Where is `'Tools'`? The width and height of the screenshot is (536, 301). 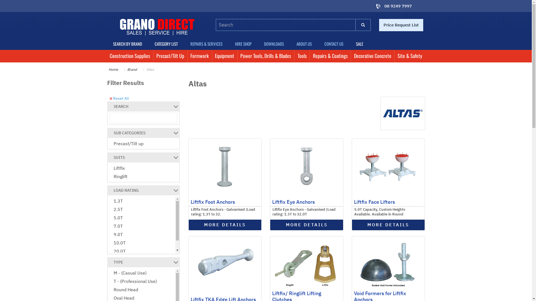
'Tools' is located at coordinates (301, 56).